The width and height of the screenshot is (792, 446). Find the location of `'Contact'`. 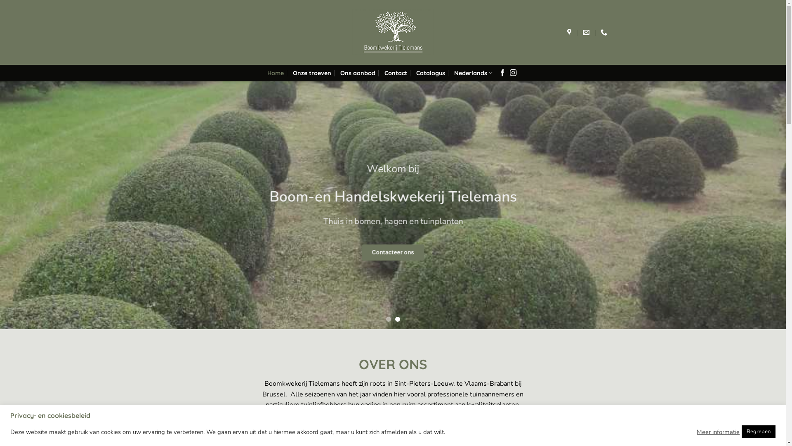

'Contact' is located at coordinates (384, 73).